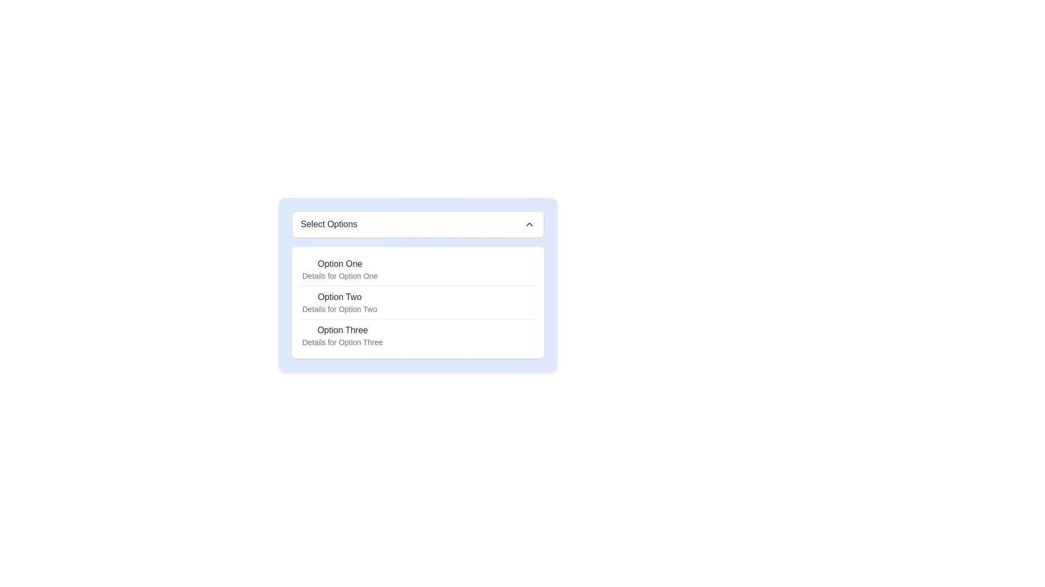 This screenshot has width=1045, height=587. What do you see at coordinates (342, 335) in the screenshot?
I see `the 'Option Three' text element in the dropdown menu` at bounding box center [342, 335].